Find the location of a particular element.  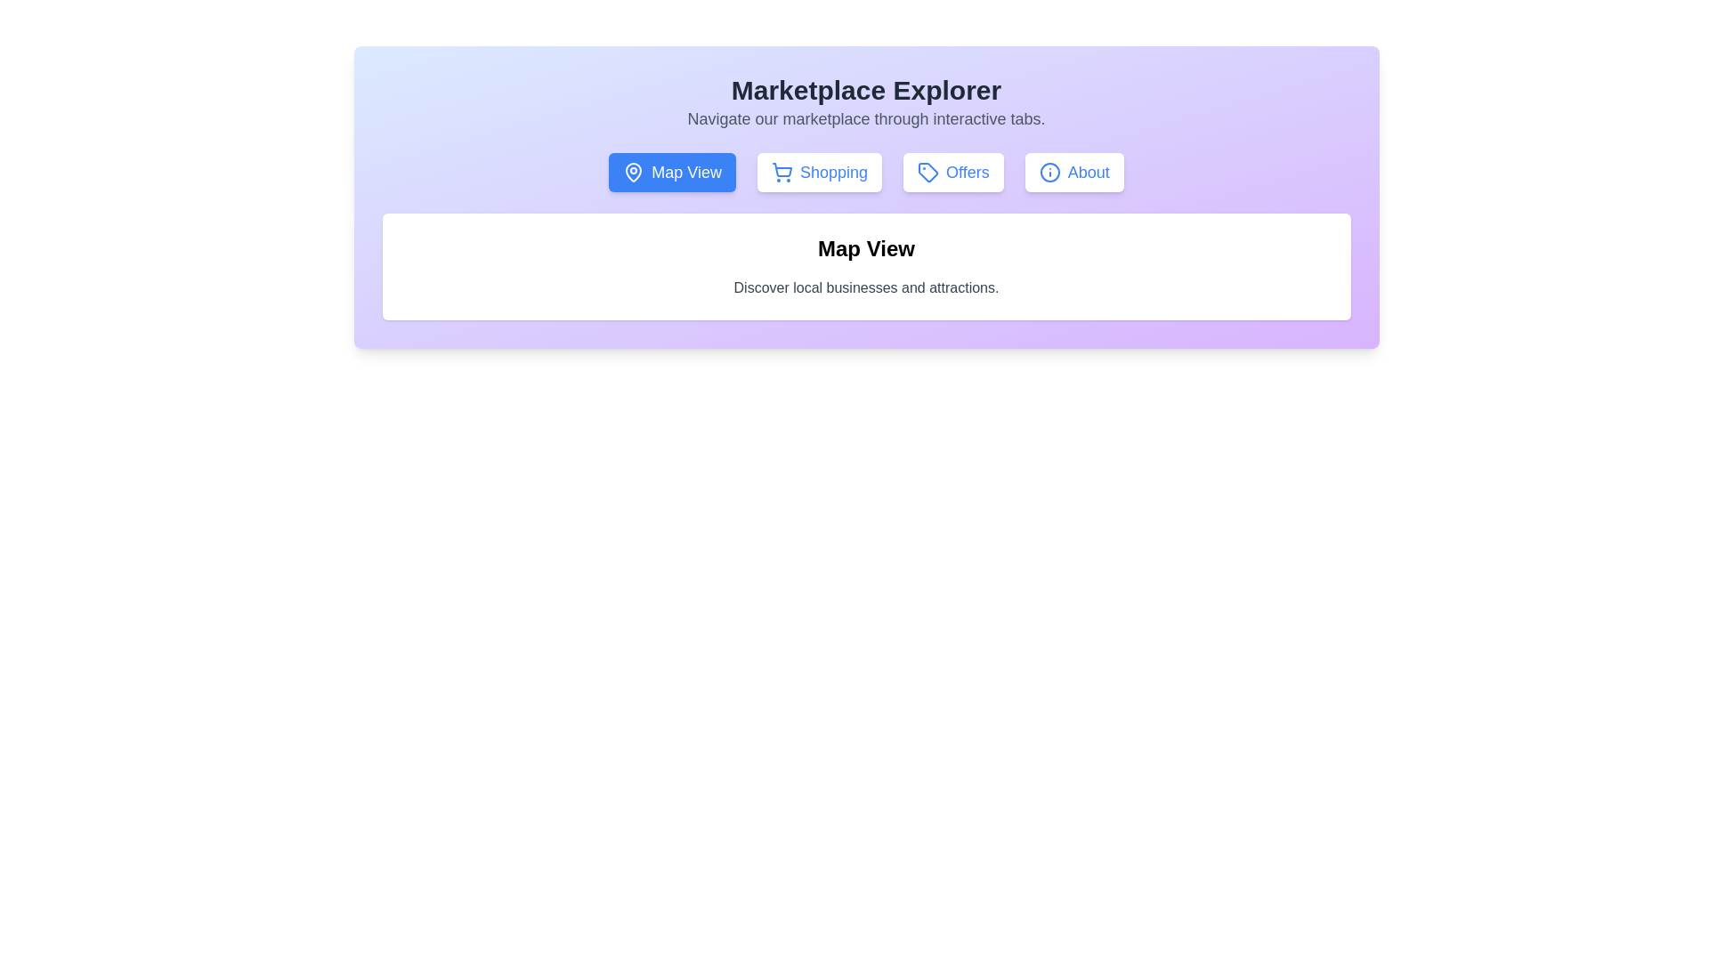

the tab labeled About is located at coordinates (1073, 172).